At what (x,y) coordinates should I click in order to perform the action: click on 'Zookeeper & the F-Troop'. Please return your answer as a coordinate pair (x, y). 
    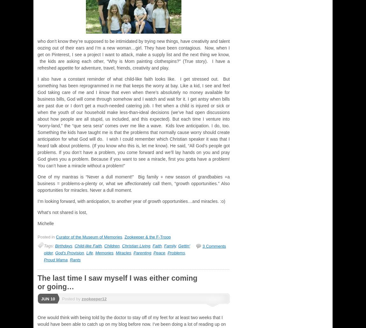
    Looking at the image, I should click on (147, 237).